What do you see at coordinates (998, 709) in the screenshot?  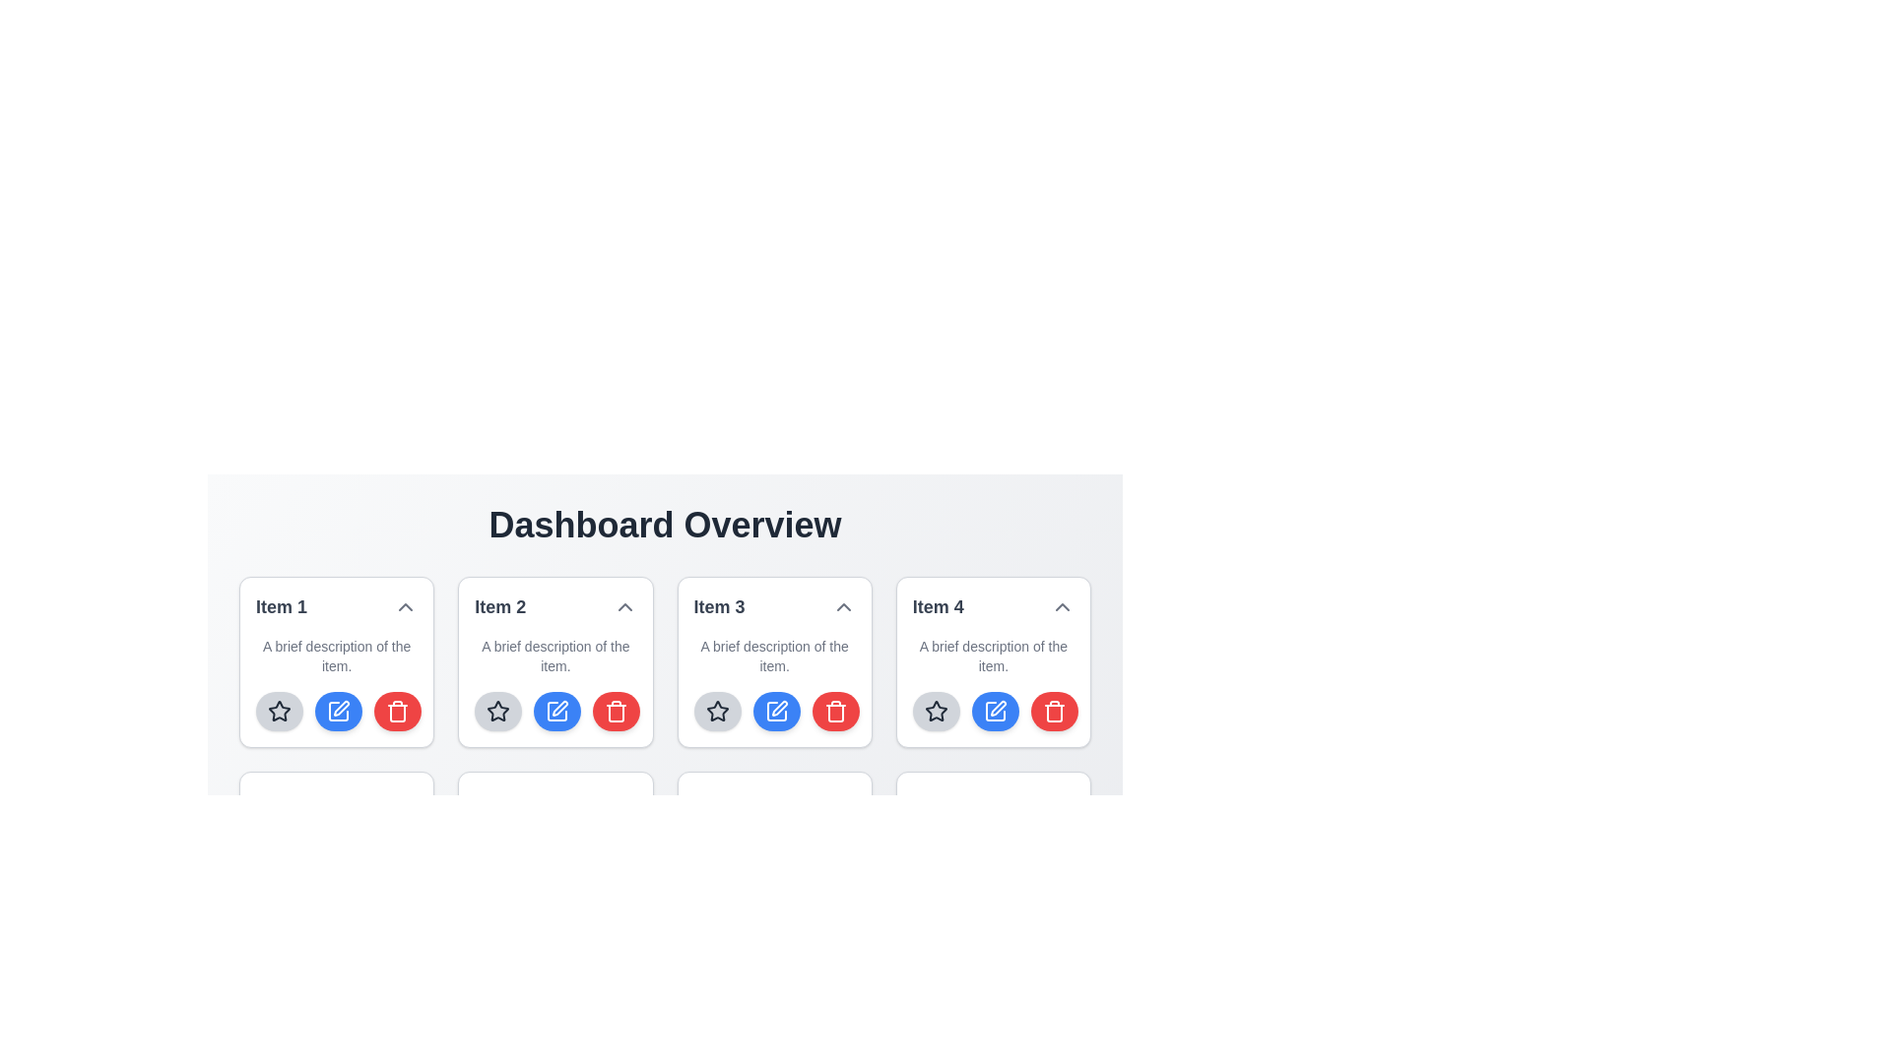 I see `the white pen icon embedded within the blue circular button in the fourth item card of the 'Dashboard Overview' section` at bounding box center [998, 709].